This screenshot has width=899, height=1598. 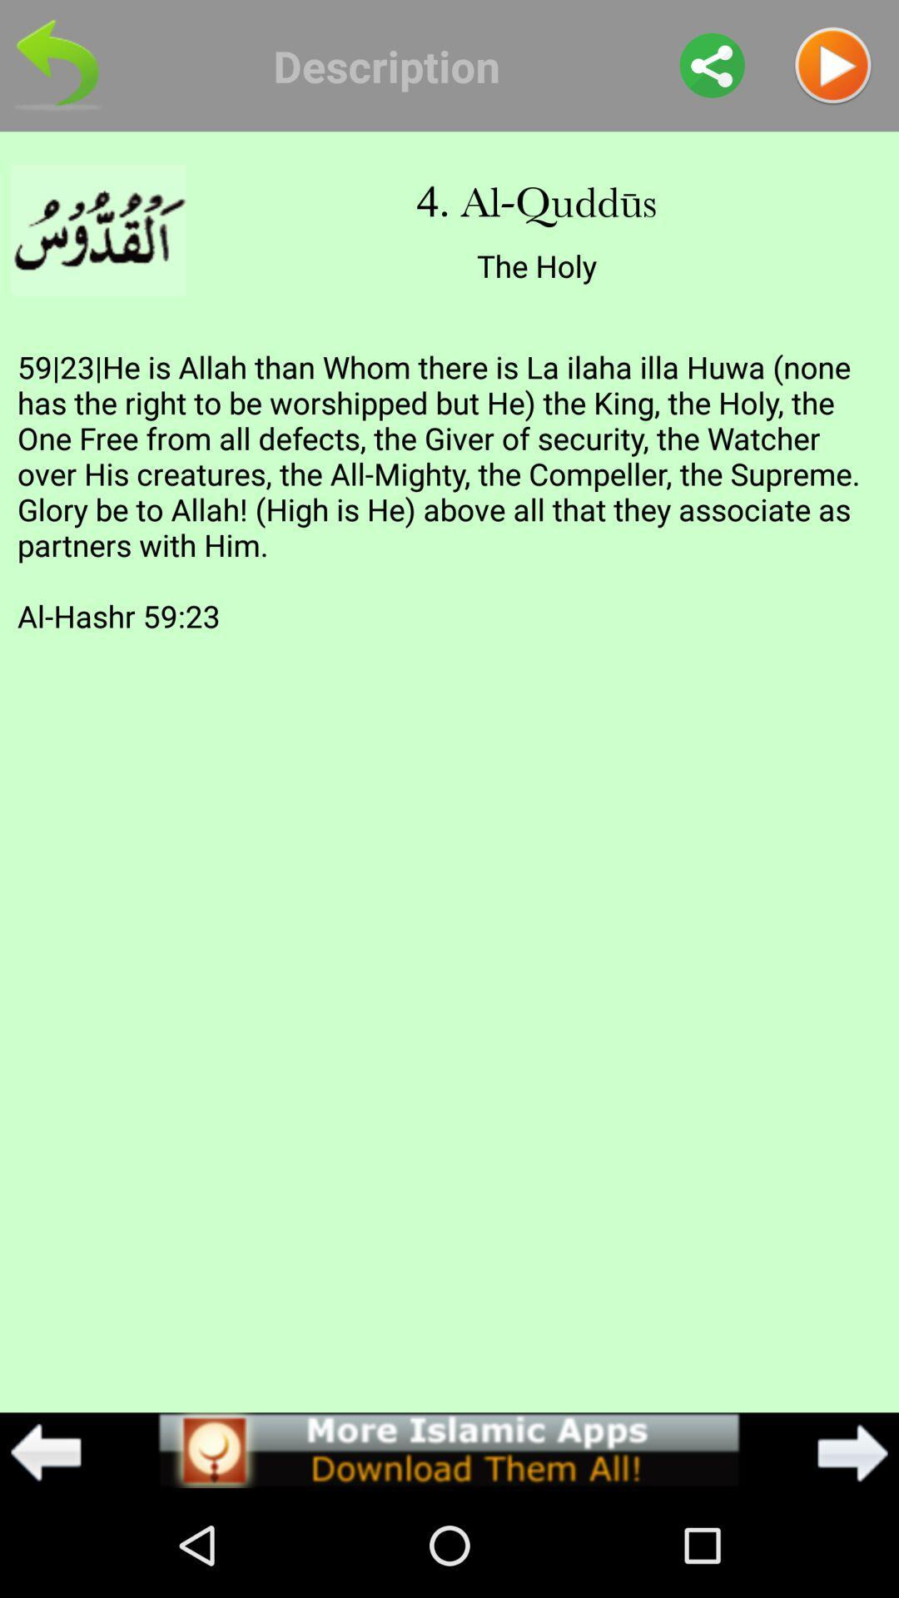 What do you see at coordinates (45, 1452) in the screenshot?
I see `the icon below 59 23 he` at bounding box center [45, 1452].